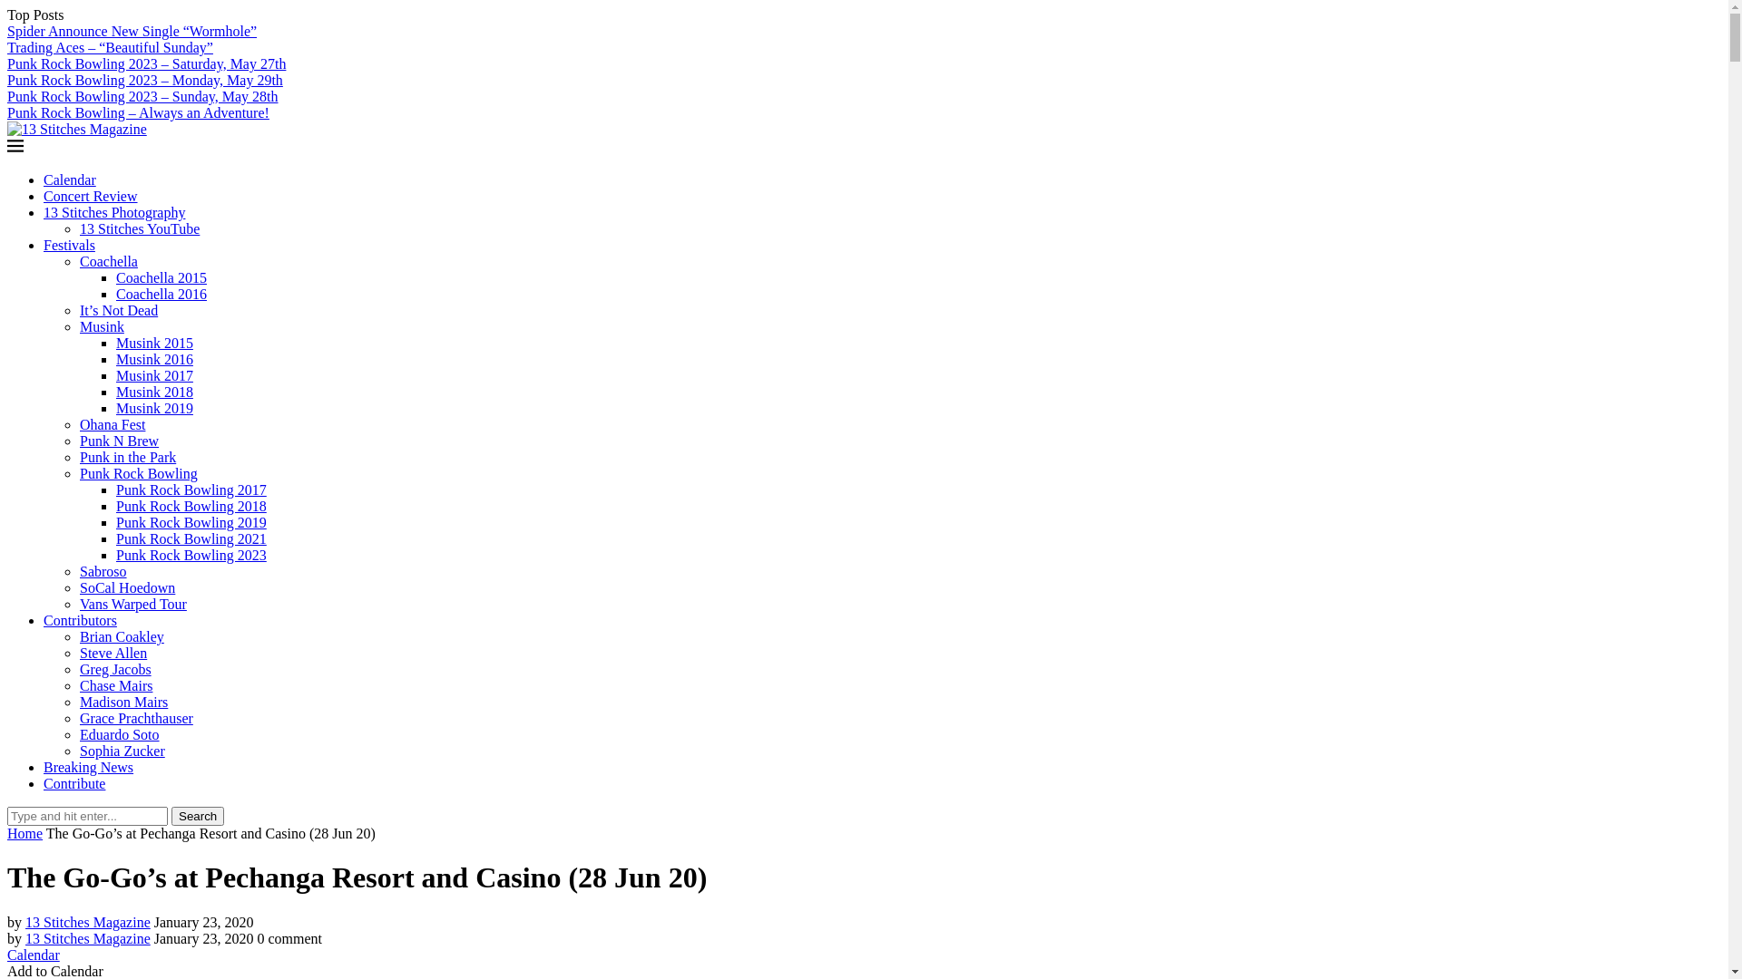 The image size is (1742, 979). What do you see at coordinates (126, 456) in the screenshot?
I see `'Punk in the Park'` at bounding box center [126, 456].